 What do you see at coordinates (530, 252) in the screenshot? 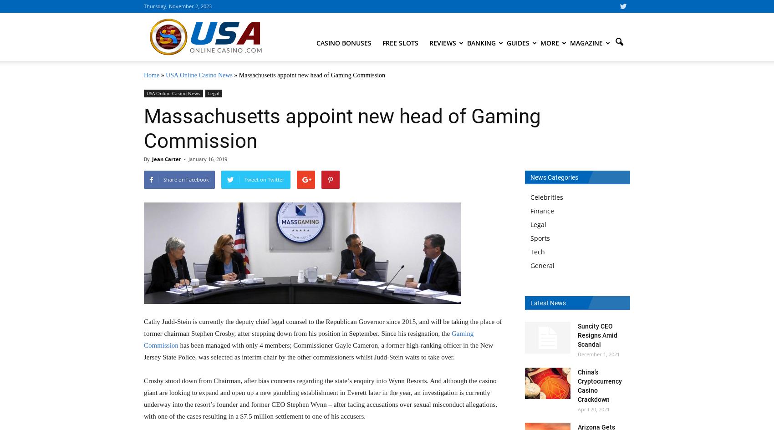
I see `'Tech'` at bounding box center [530, 252].